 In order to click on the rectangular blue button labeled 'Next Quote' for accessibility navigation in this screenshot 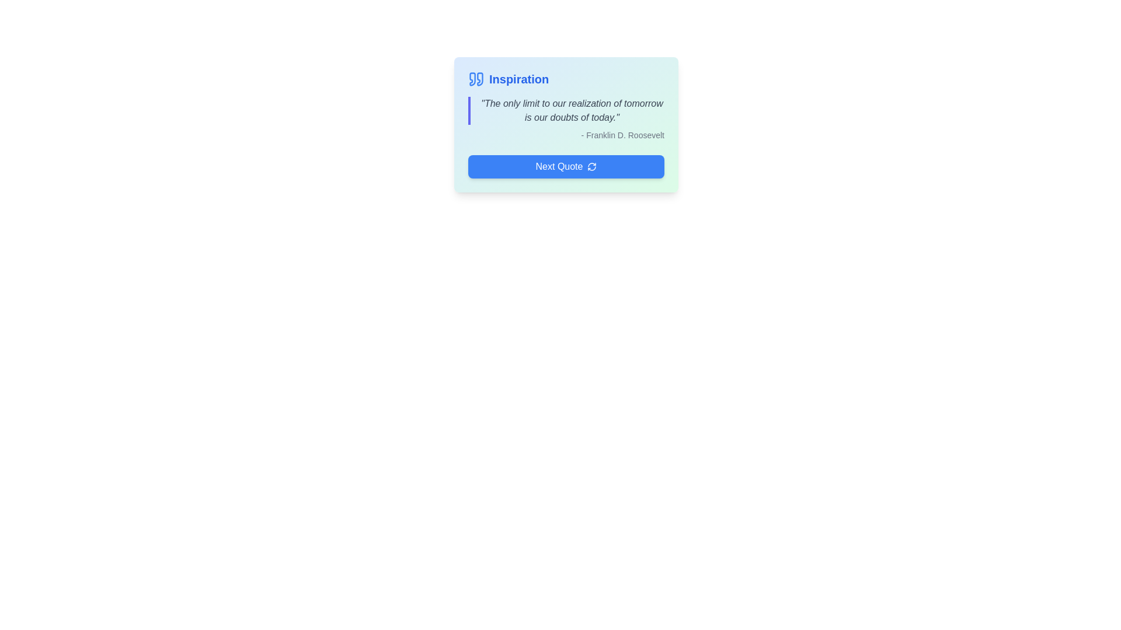, I will do `click(566, 166)`.